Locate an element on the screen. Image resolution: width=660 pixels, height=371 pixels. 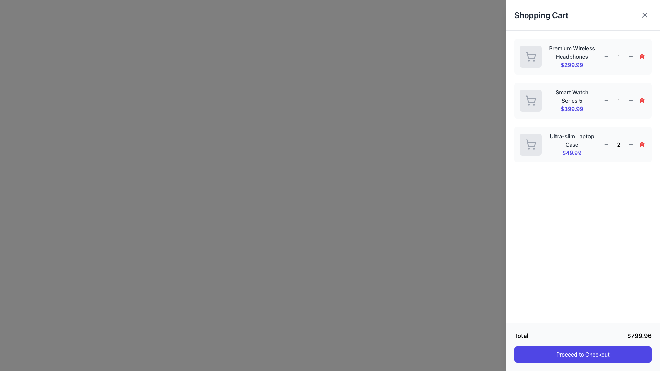
the plus button next to the numeric input for the 'Smart Watch Series 5' is located at coordinates (631, 101).